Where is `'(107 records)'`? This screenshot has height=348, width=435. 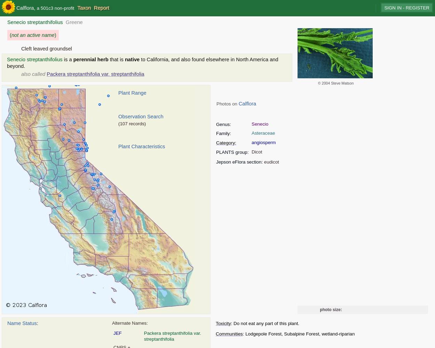 '(107 records)' is located at coordinates (132, 123).